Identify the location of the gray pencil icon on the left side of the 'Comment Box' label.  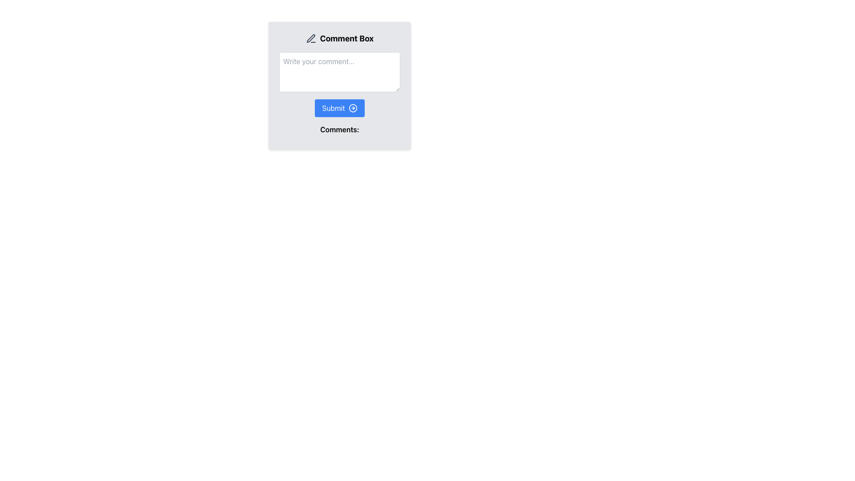
(339, 38).